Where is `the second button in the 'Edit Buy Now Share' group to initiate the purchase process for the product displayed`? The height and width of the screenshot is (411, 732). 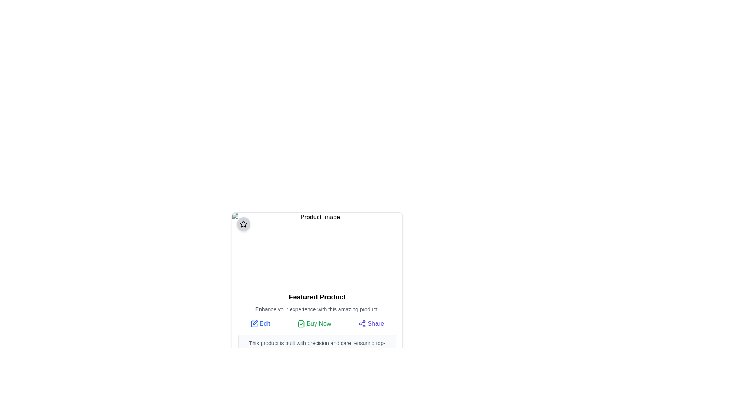 the second button in the 'Edit Buy Now Share' group to initiate the purchase process for the product displayed is located at coordinates (314, 324).